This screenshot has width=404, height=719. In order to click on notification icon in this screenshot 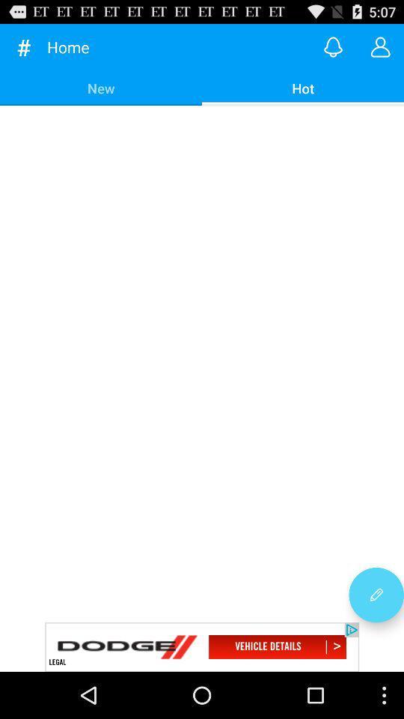, I will do `click(333, 46)`.